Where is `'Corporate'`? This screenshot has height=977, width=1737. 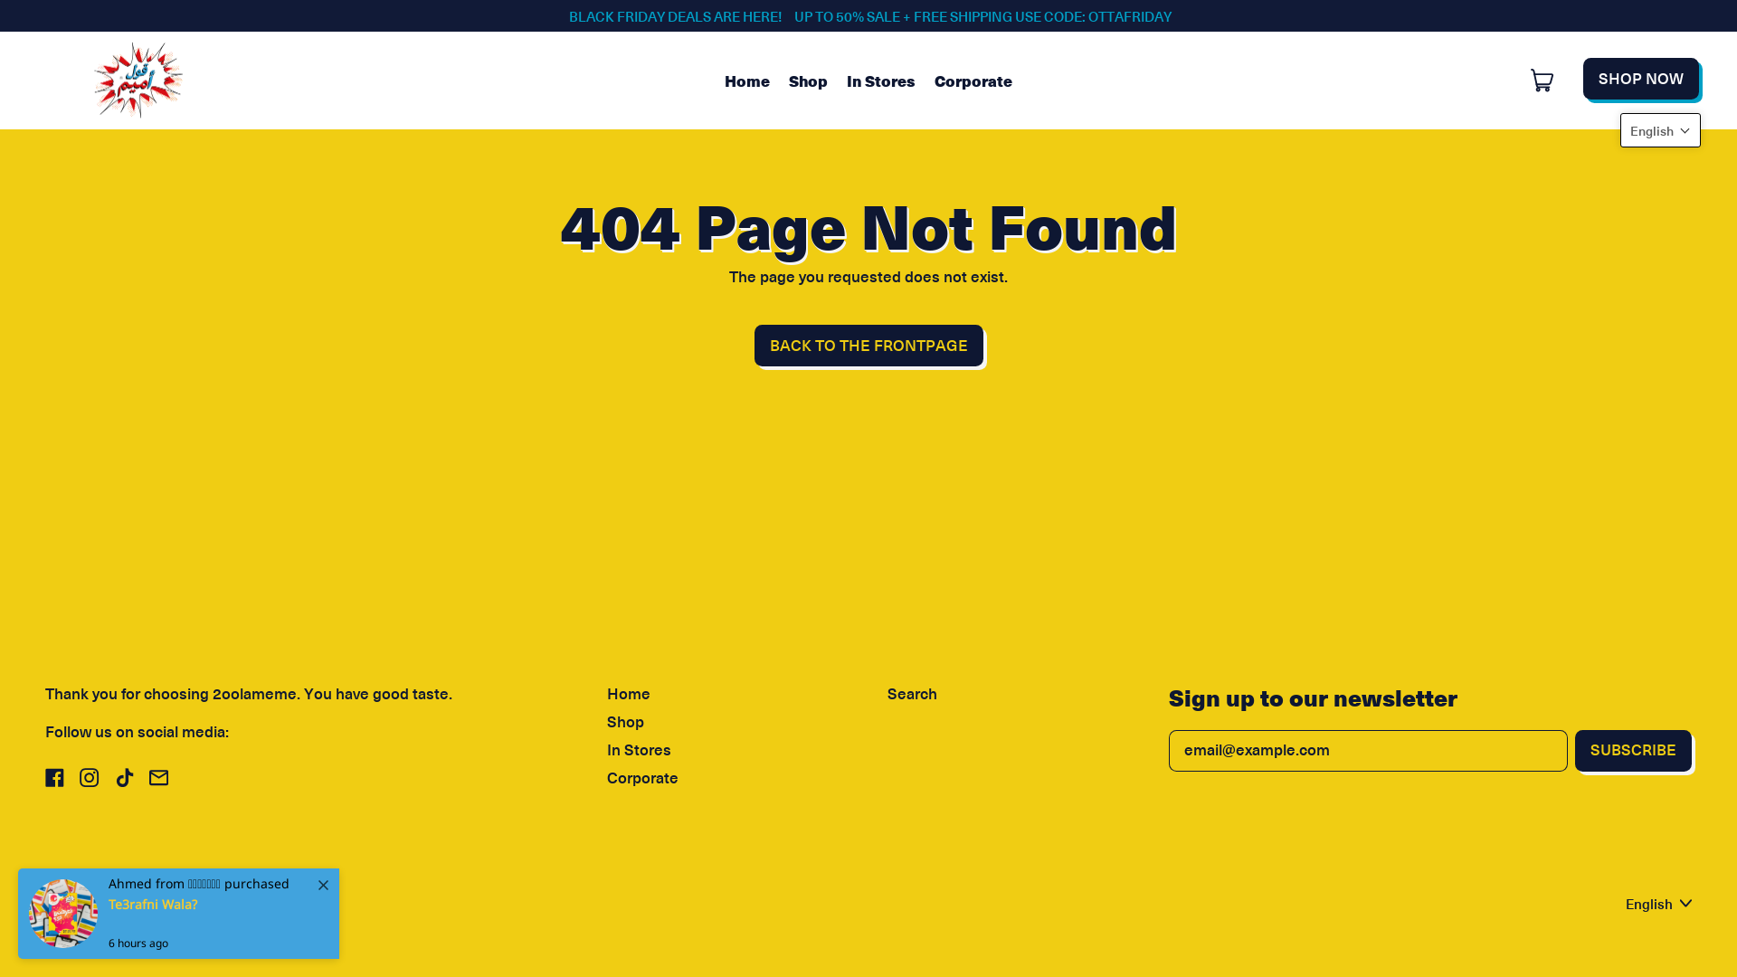 'Corporate' is located at coordinates (607, 777).